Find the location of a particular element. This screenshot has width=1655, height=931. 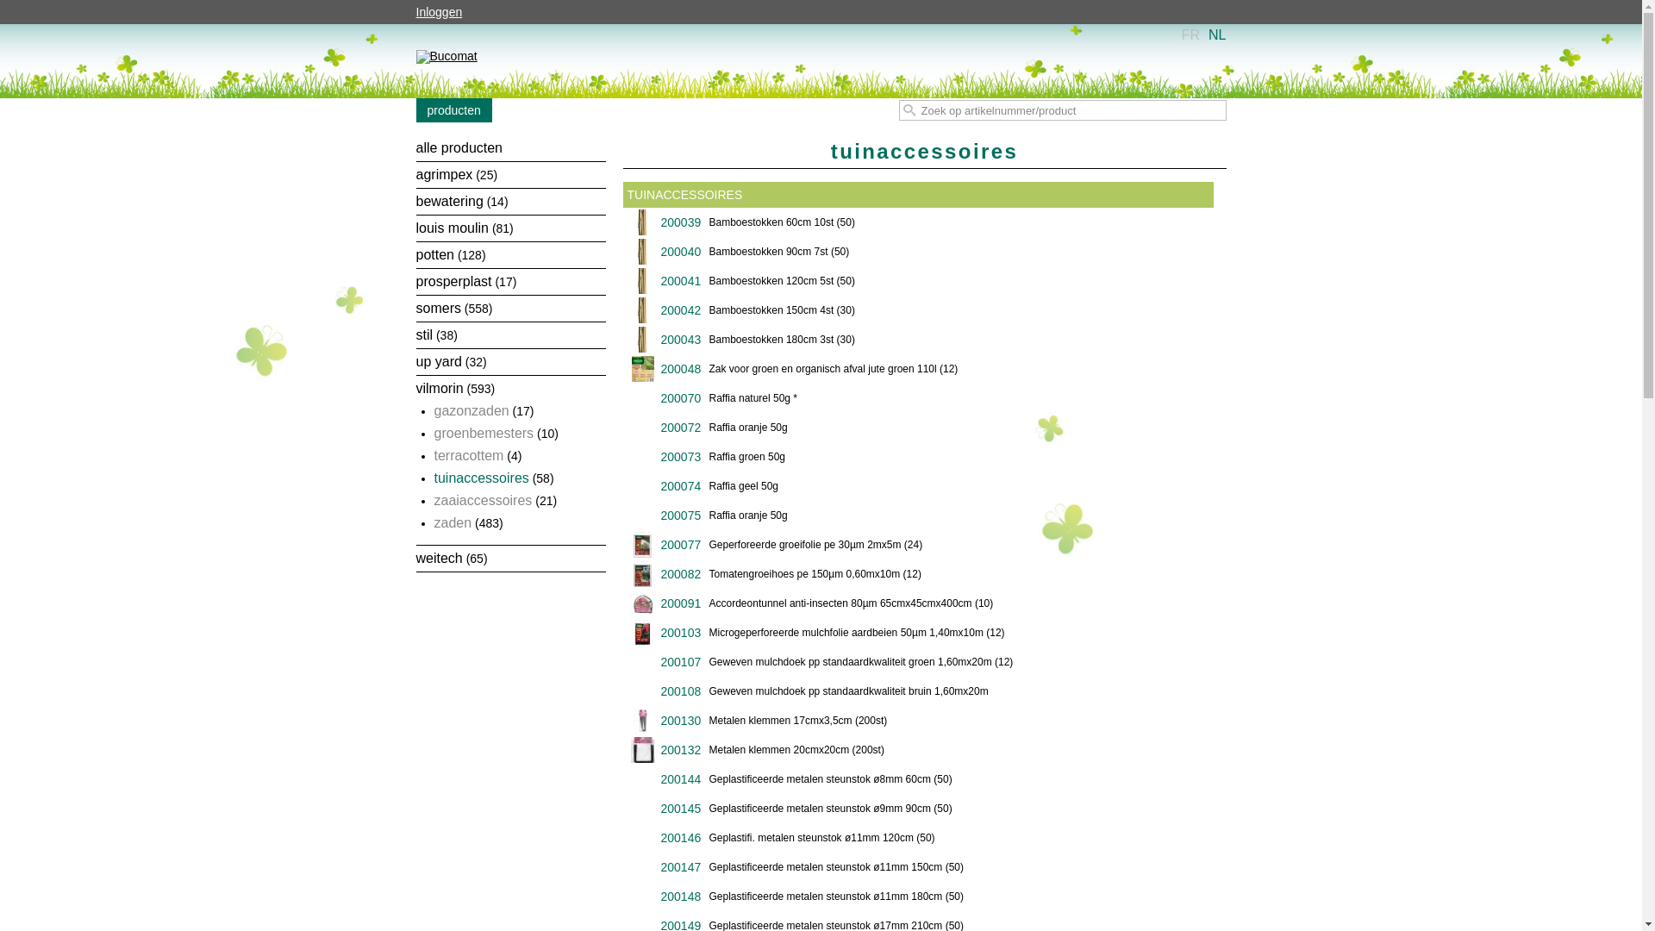

'agrimpex' is located at coordinates (443, 174).